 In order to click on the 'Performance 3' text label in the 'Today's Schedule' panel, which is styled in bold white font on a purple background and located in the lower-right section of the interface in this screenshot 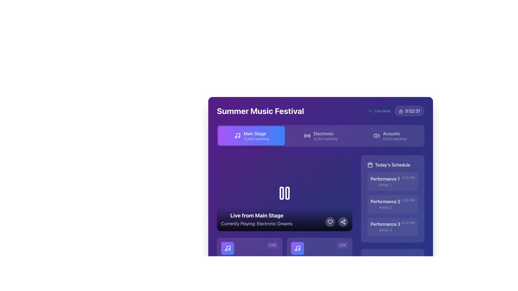, I will do `click(385, 224)`.